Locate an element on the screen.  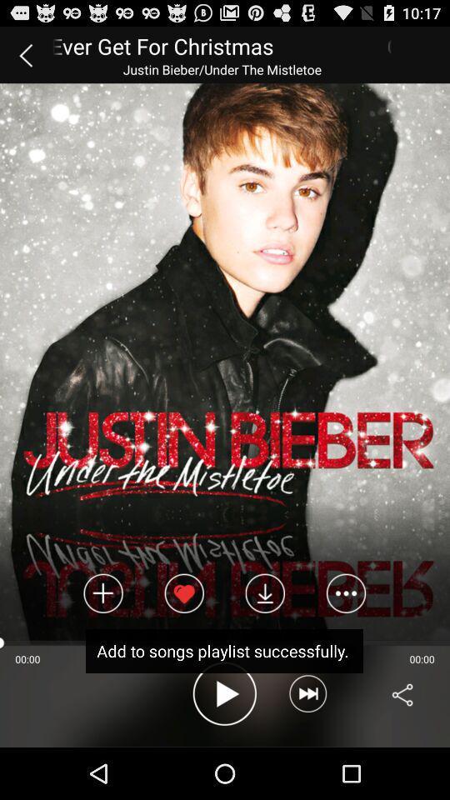
the add icon is located at coordinates (103, 634).